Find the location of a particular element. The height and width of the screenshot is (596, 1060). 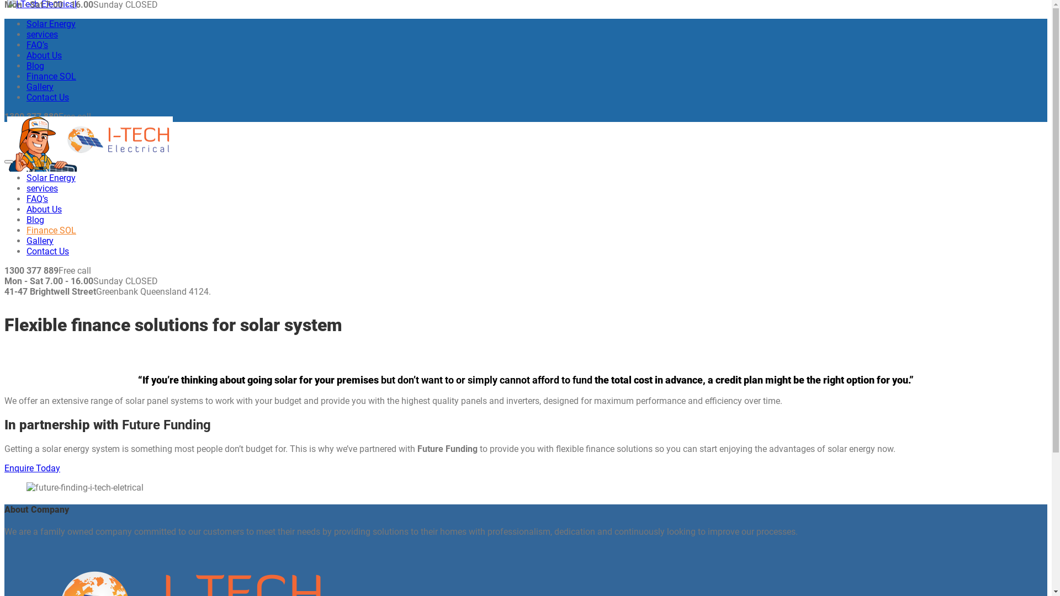

'Solar Energy' is located at coordinates (50, 24).